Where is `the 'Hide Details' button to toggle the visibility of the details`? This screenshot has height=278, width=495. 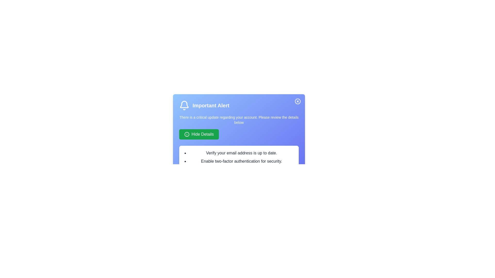
the 'Hide Details' button to toggle the visibility of the details is located at coordinates (199, 134).